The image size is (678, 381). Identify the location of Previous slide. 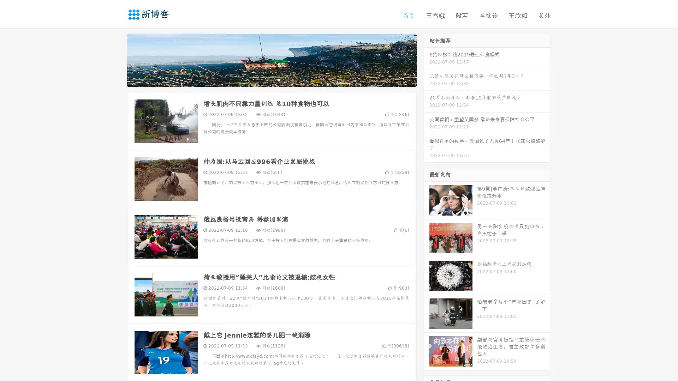
(117, 59).